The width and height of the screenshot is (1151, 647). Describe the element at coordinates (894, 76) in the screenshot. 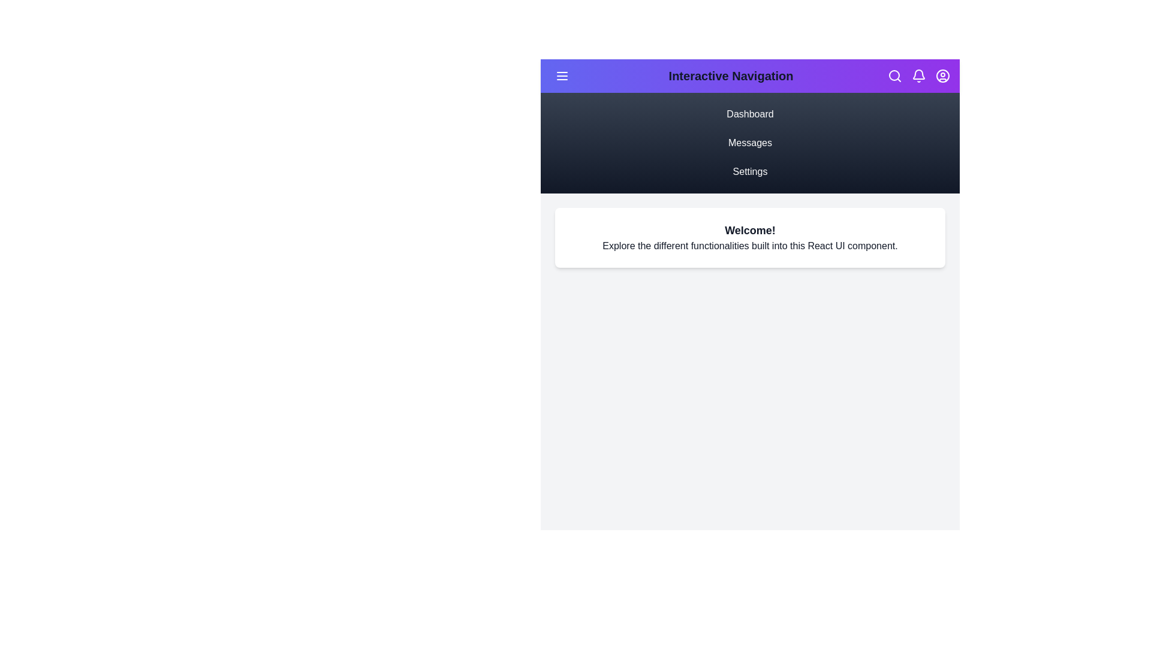

I see `the search icon` at that location.